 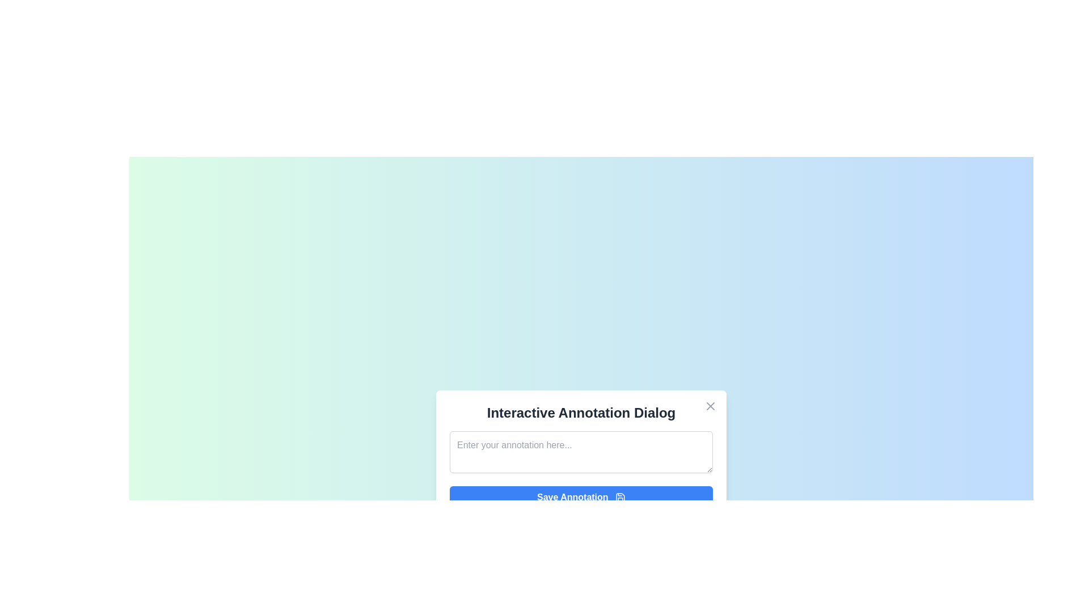 What do you see at coordinates (710, 405) in the screenshot?
I see `the close button at the top-right corner of the dialog` at bounding box center [710, 405].